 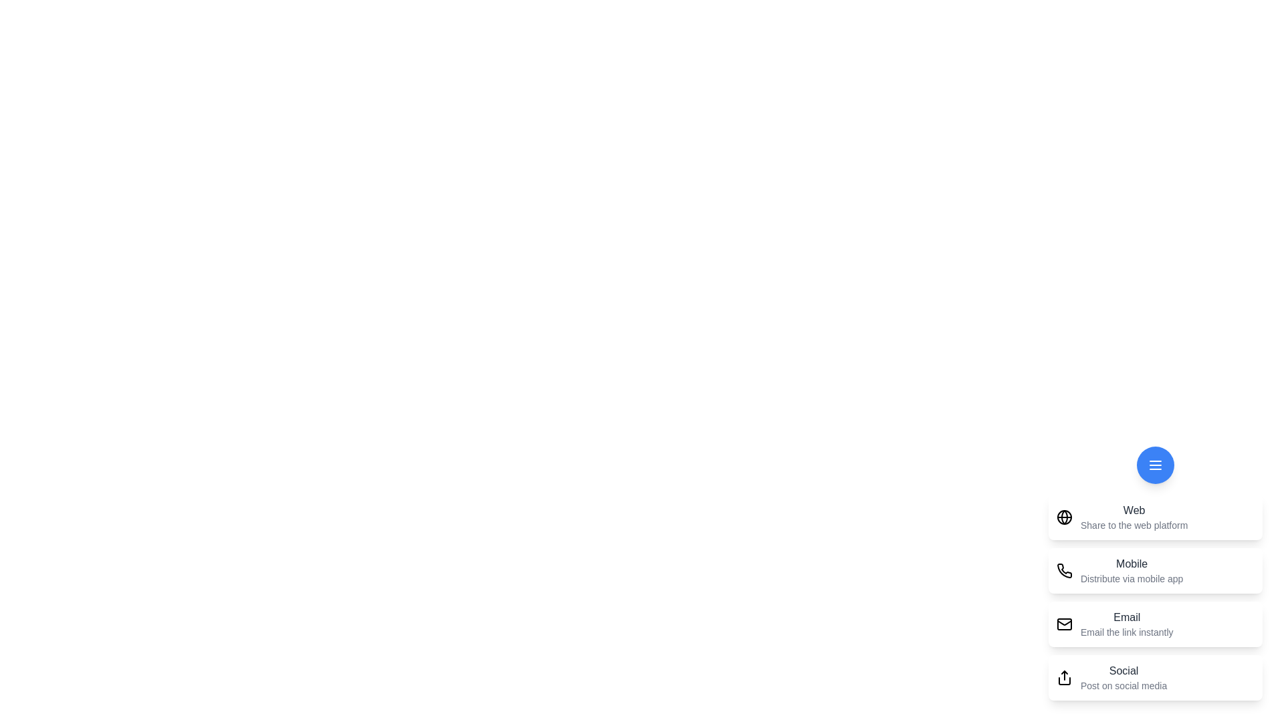 I want to click on the sharing option Web from the menu, so click(x=1155, y=517).